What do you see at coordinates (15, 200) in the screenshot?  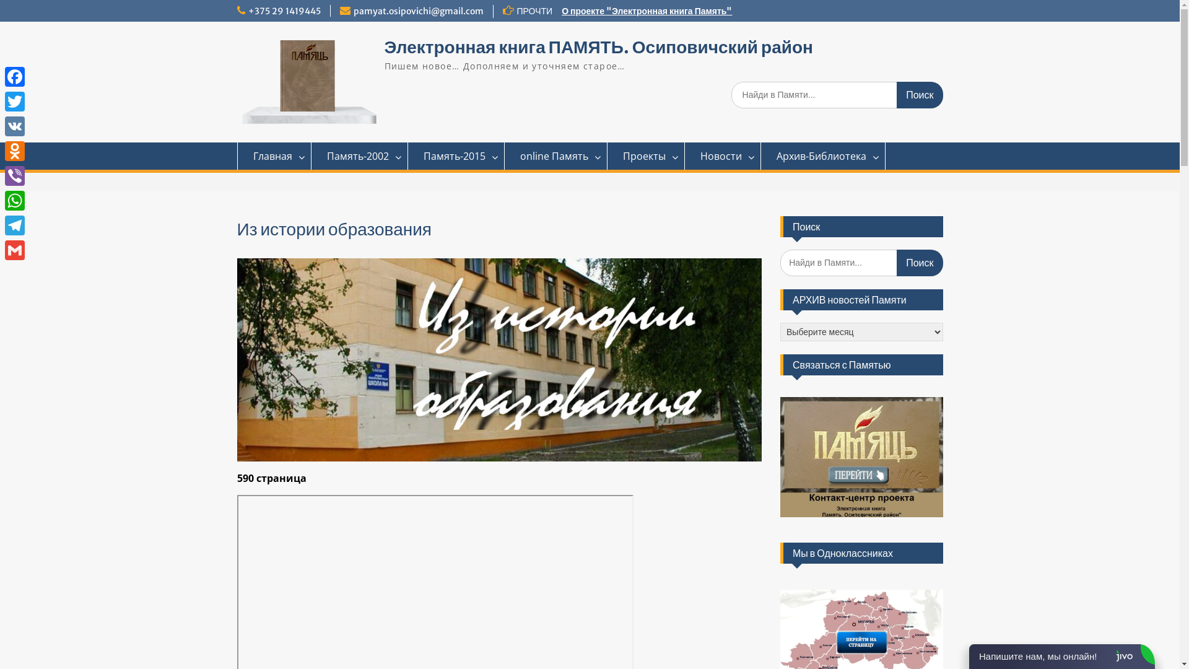 I see `'WhatsApp'` at bounding box center [15, 200].